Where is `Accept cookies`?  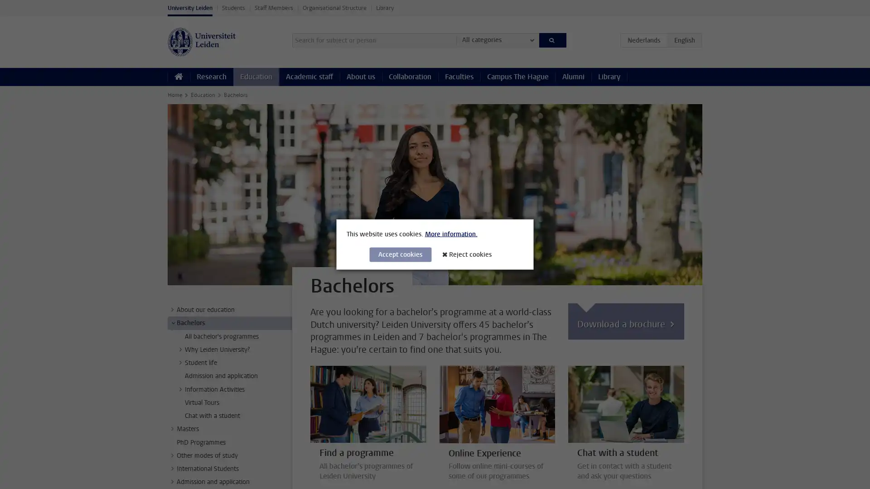 Accept cookies is located at coordinates (400, 254).